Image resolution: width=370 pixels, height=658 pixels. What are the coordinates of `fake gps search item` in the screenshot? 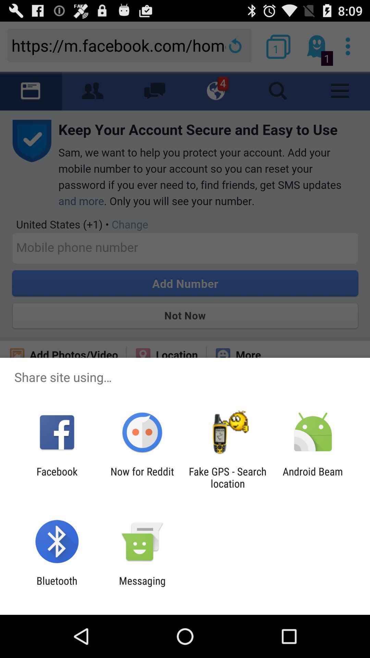 It's located at (227, 477).